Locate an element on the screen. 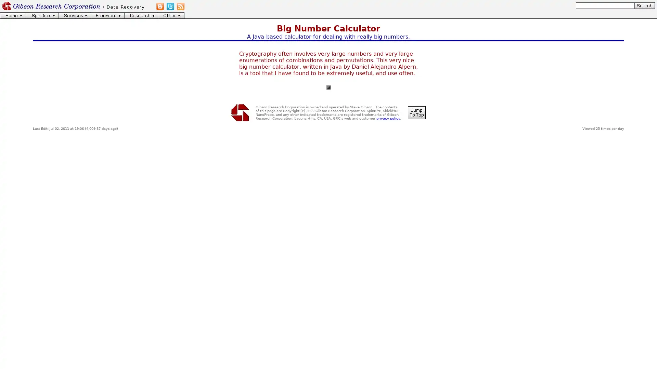 The image size is (657, 369). [Search] is located at coordinates (644, 5).